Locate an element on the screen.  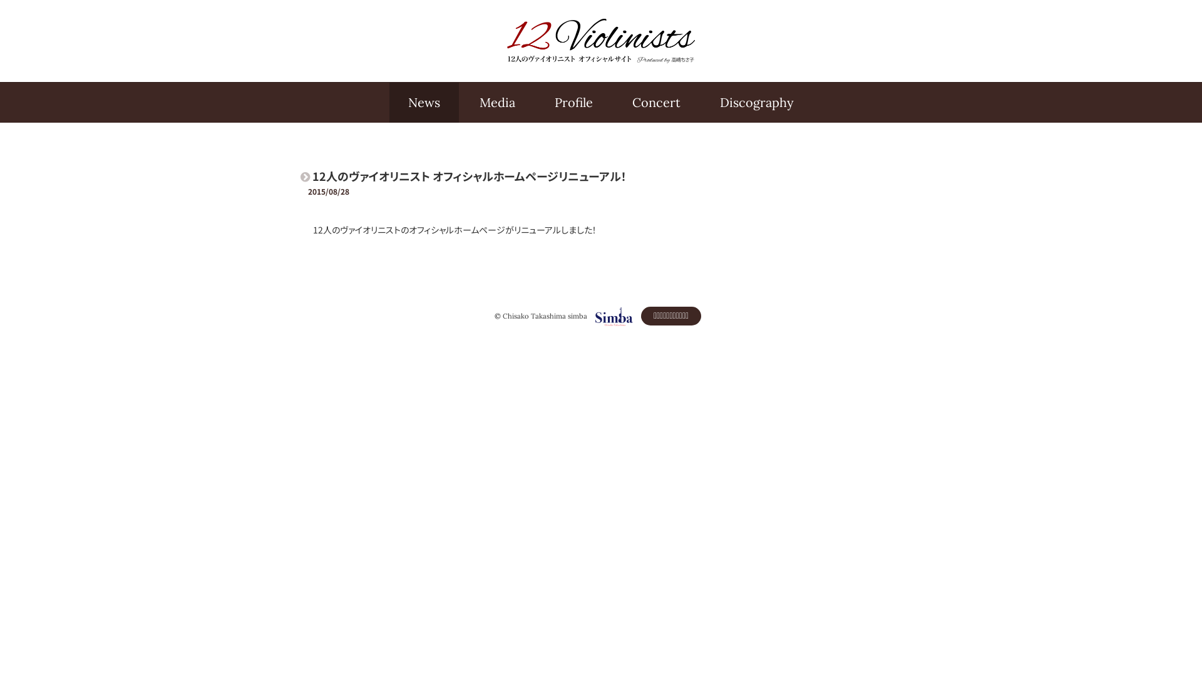
'Discography' is located at coordinates (700, 102).